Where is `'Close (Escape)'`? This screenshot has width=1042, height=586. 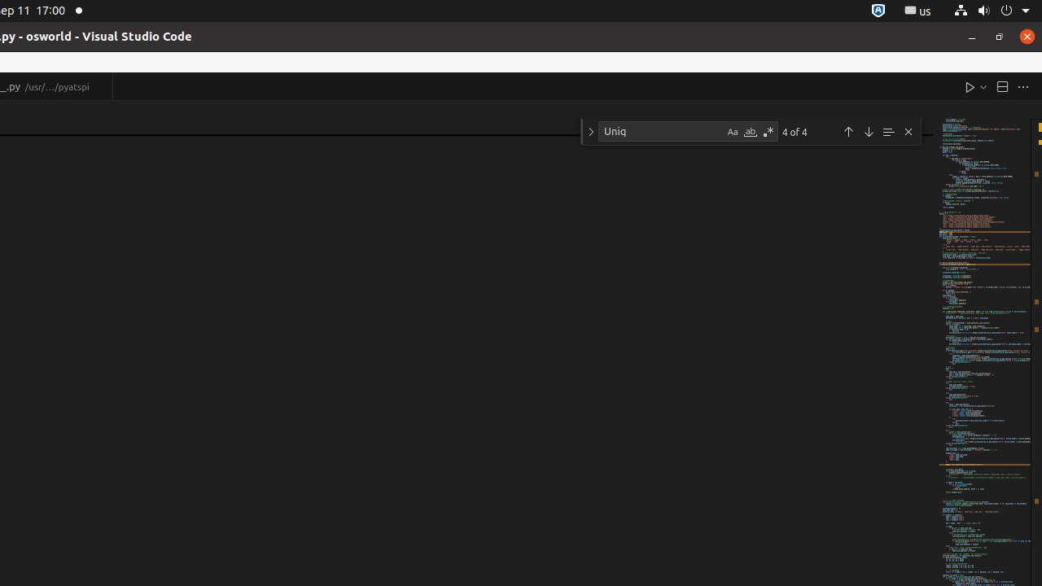
'Close (Escape)' is located at coordinates (908, 131).